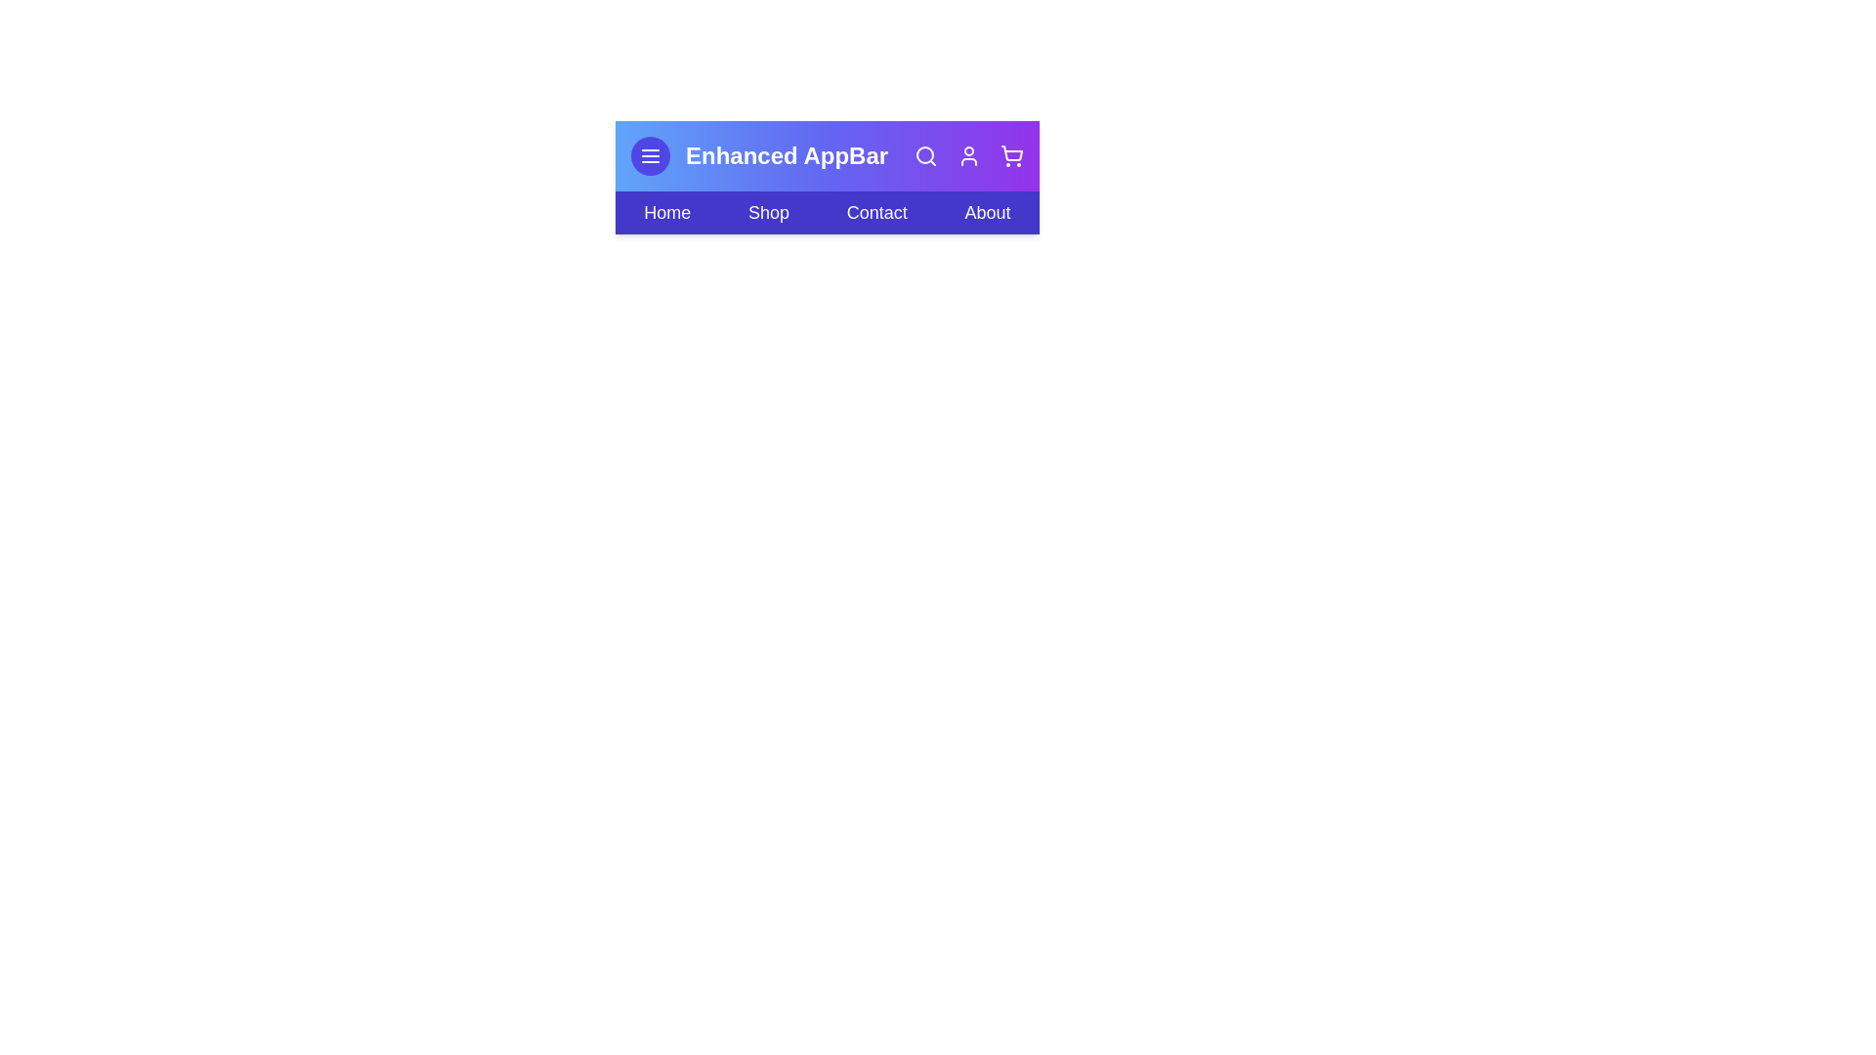 The image size is (1876, 1055). Describe the element at coordinates (988, 213) in the screenshot. I see `the interactive element About Link to observe its hover effect` at that location.